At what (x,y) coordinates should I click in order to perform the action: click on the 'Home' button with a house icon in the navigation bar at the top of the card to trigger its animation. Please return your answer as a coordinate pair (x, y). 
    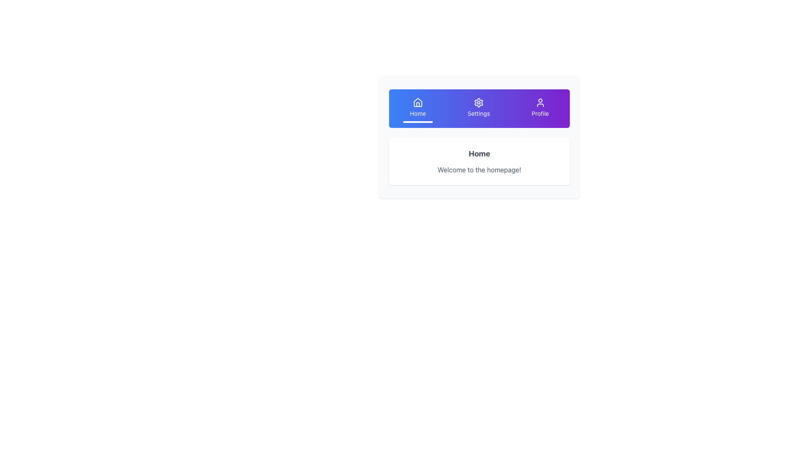
    Looking at the image, I should click on (418, 108).